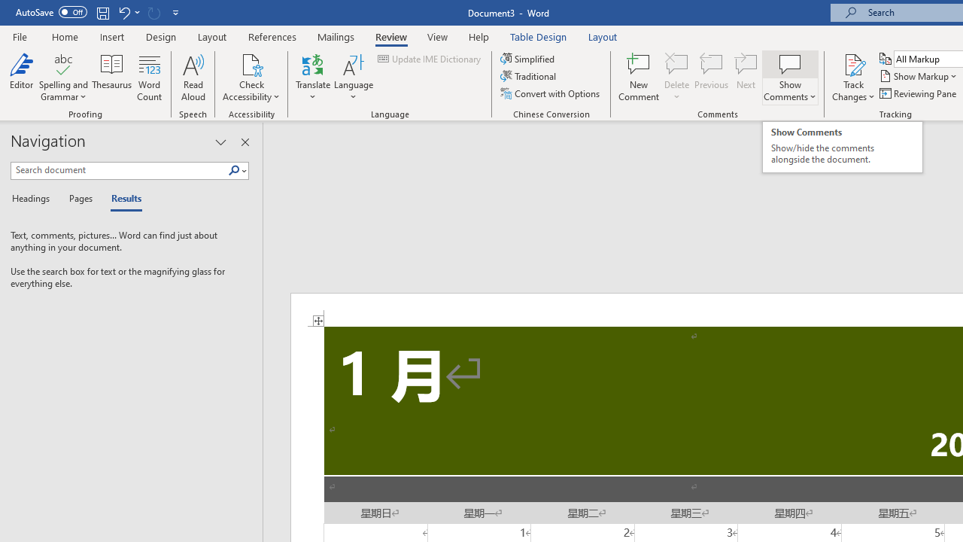 The image size is (963, 542). I want to click on 'Track Changes', so click(853, 78).